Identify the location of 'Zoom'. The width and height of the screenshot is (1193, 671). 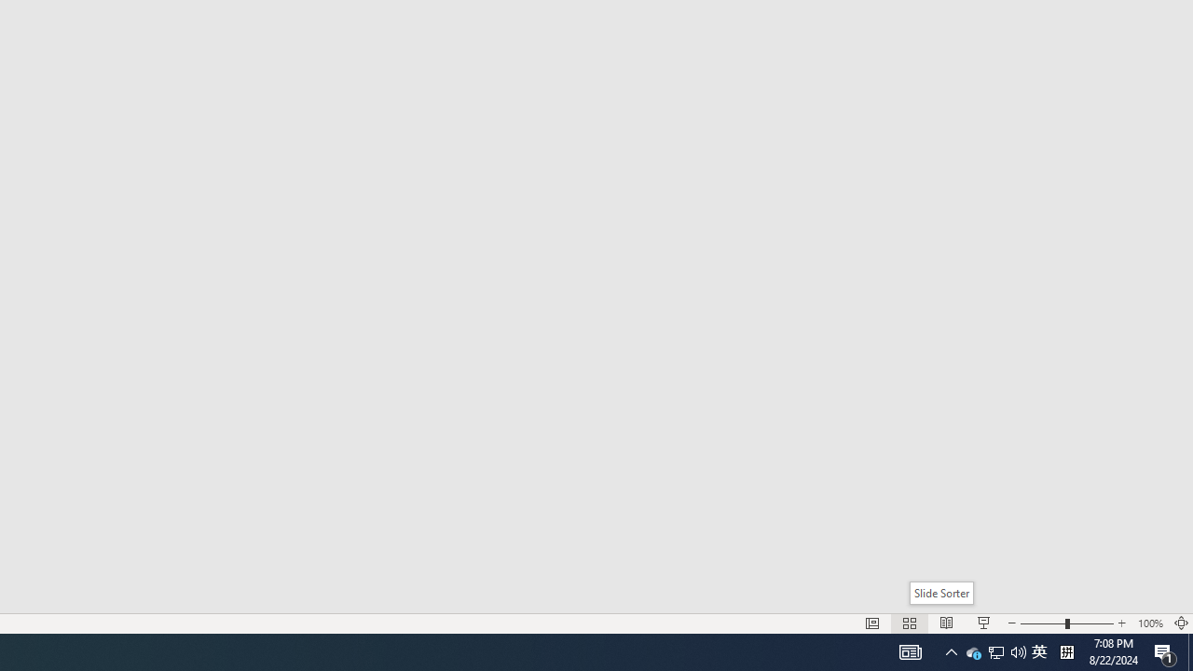
(1066, 623).